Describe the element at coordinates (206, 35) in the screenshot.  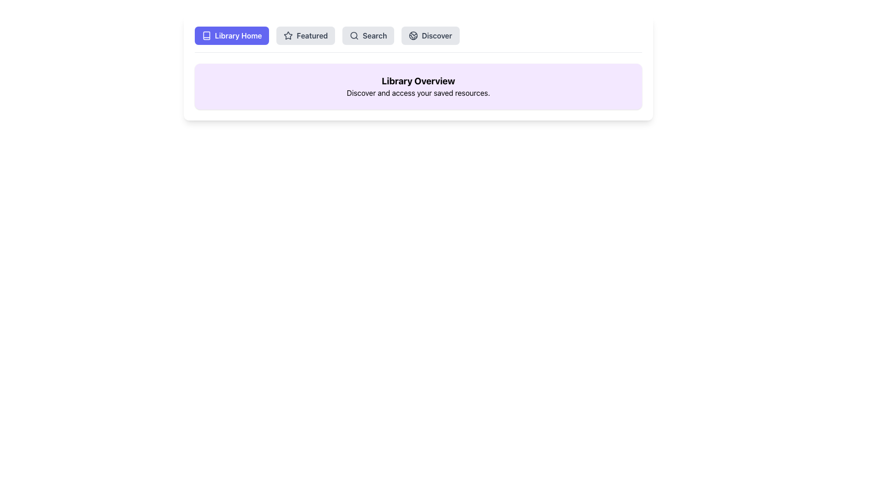
I see `the book icon located in the header section of the application interface, positioned to the left of the 'Library Home' text label` at that location.